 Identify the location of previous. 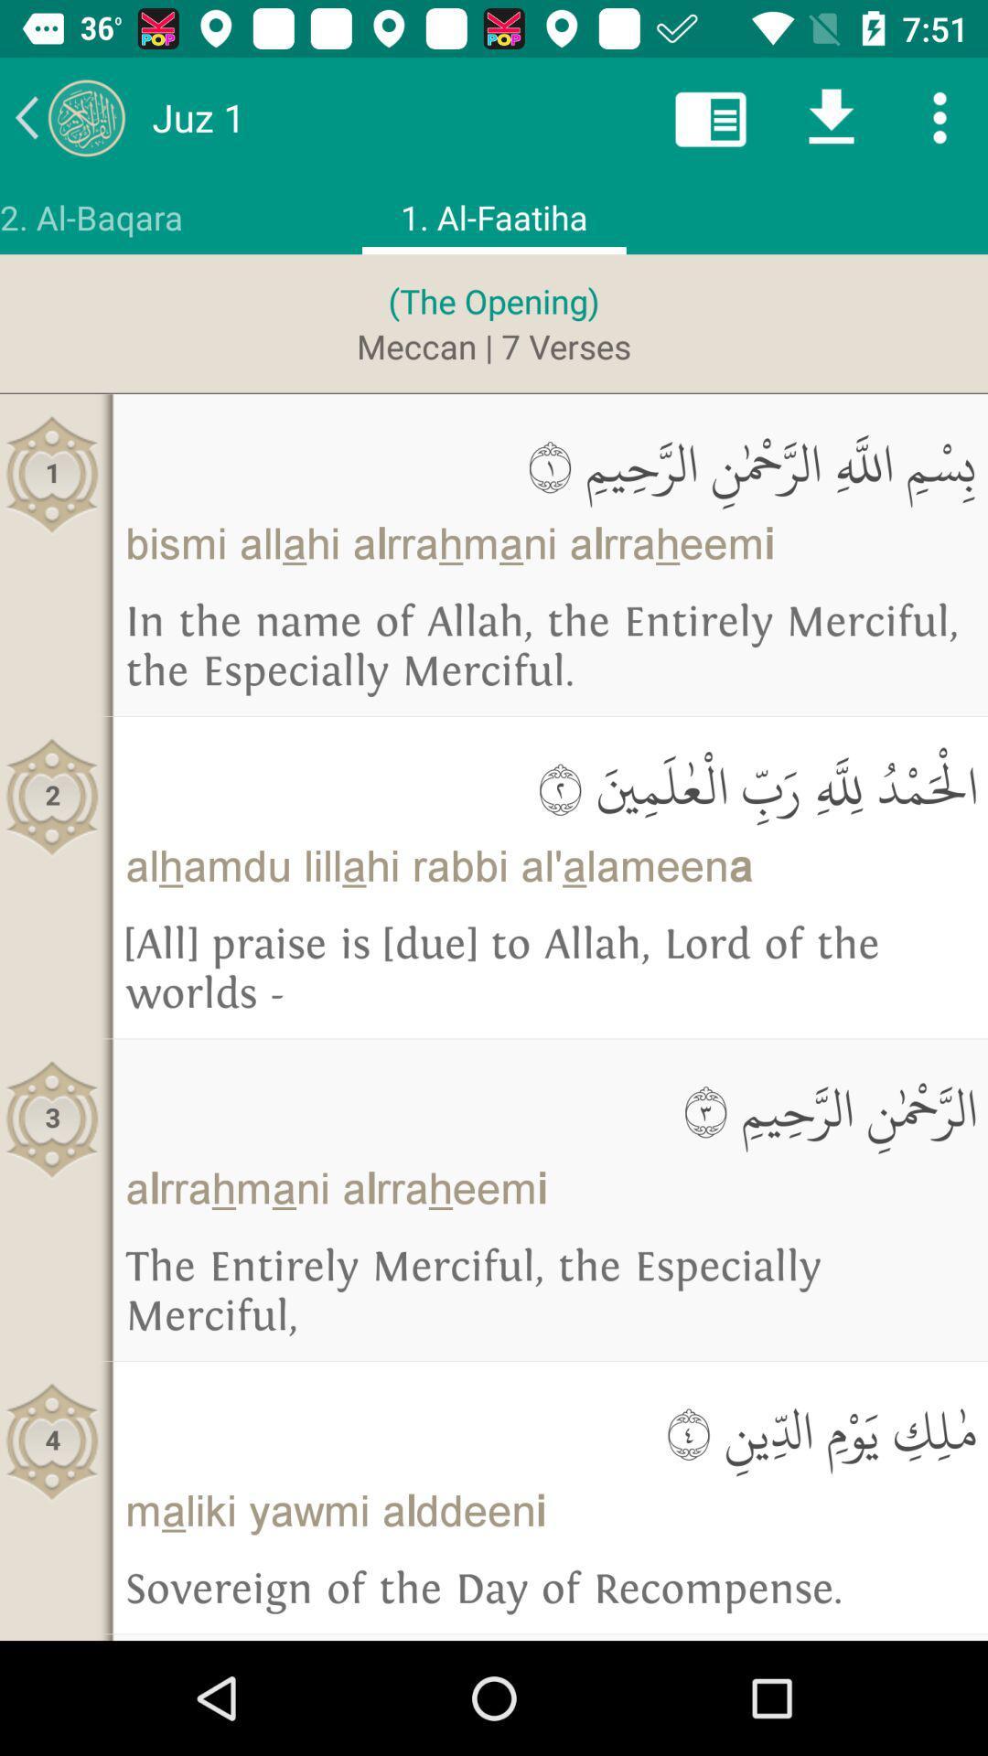
(69, 116).